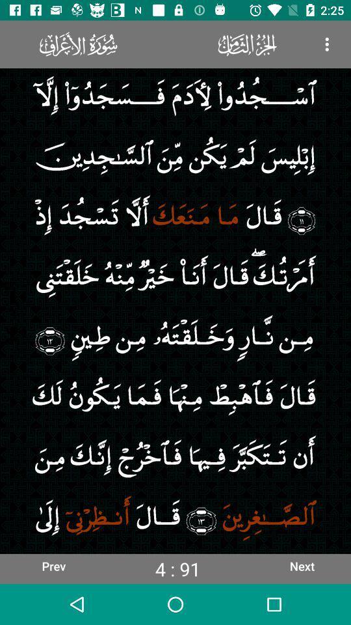  What do you see at coordinates (302, 565) in the screenshot?
I see `icon next to the 4 : 91 item` at bounding box center [302, 565].